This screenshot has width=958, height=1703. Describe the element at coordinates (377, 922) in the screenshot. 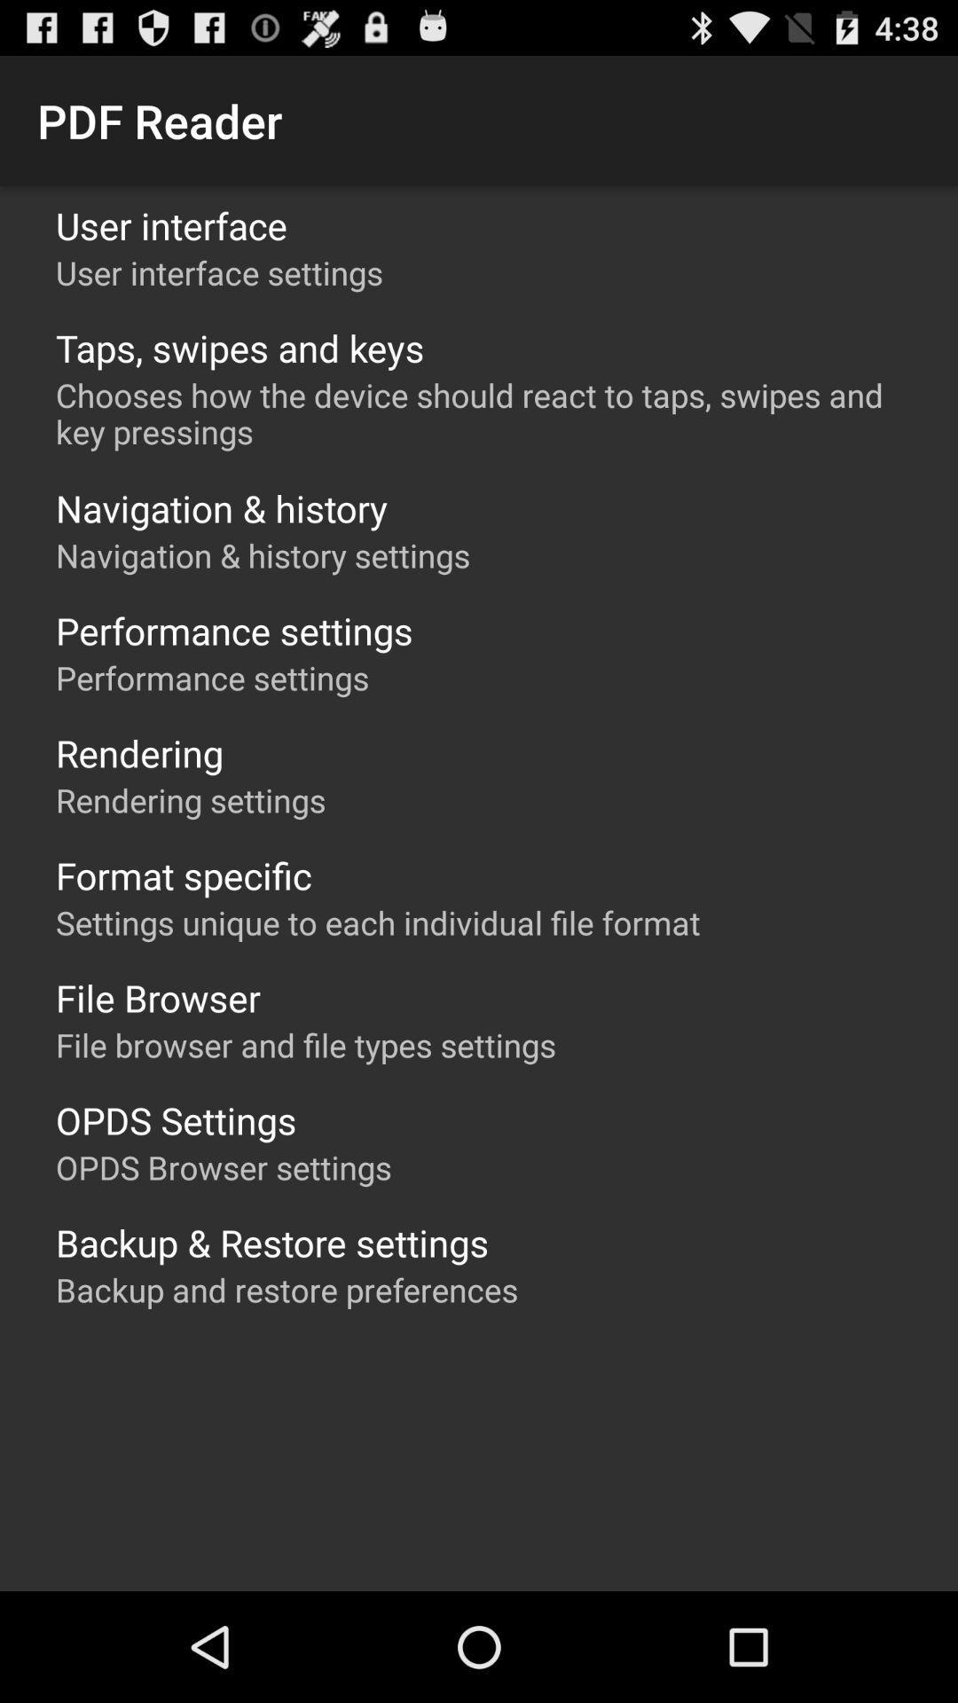

I see `the app at the center` at that location.